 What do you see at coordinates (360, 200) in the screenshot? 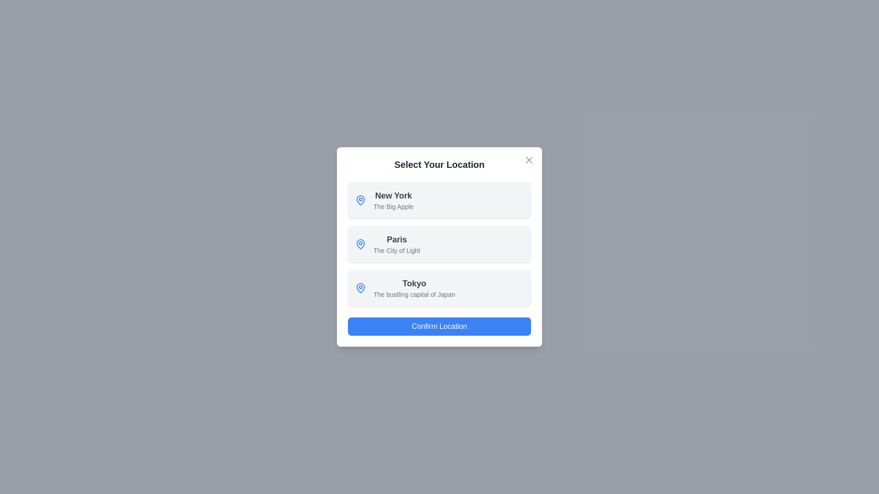
I see `the map pin icon for New York` at bounding box center [360, 200].